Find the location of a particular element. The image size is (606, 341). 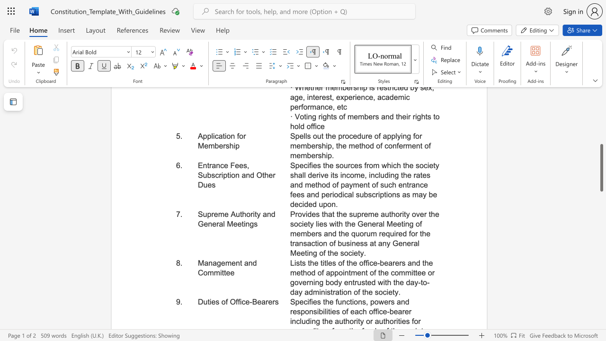

the scrollbar and move up 340 pixels is located at coordinates (601, 167).